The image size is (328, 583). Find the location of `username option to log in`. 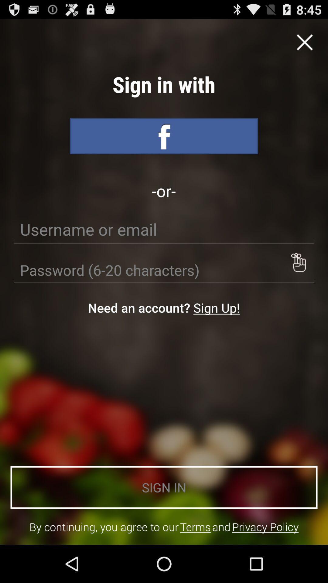

username option to log in is located at coordinates (164, 229).